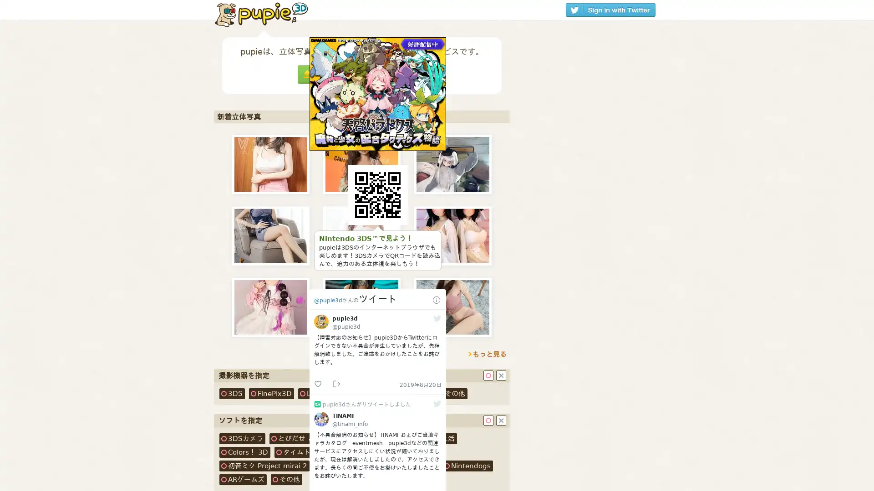  Describe the element at coordinates (467, 466) in the screenshot. I see `Nintendogs` at that location.